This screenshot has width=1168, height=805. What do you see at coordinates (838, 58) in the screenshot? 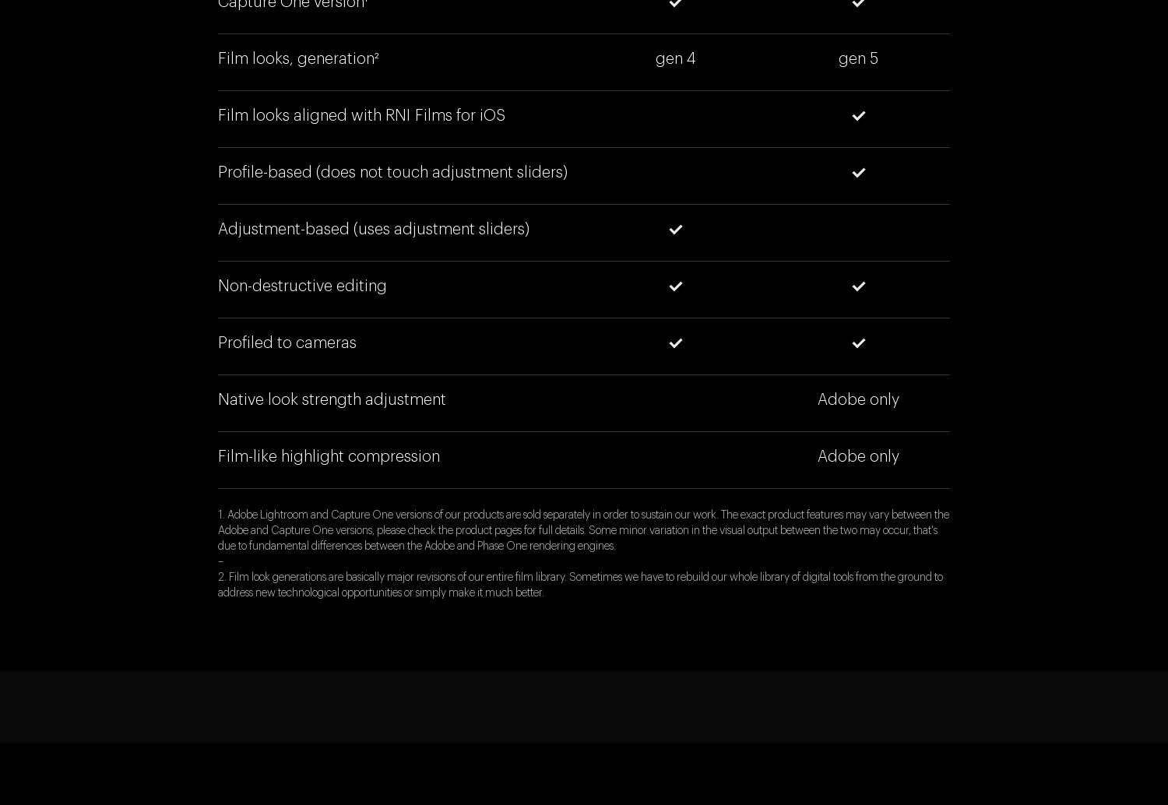
I see `'gen 5'` at bounding box center [838, 58].